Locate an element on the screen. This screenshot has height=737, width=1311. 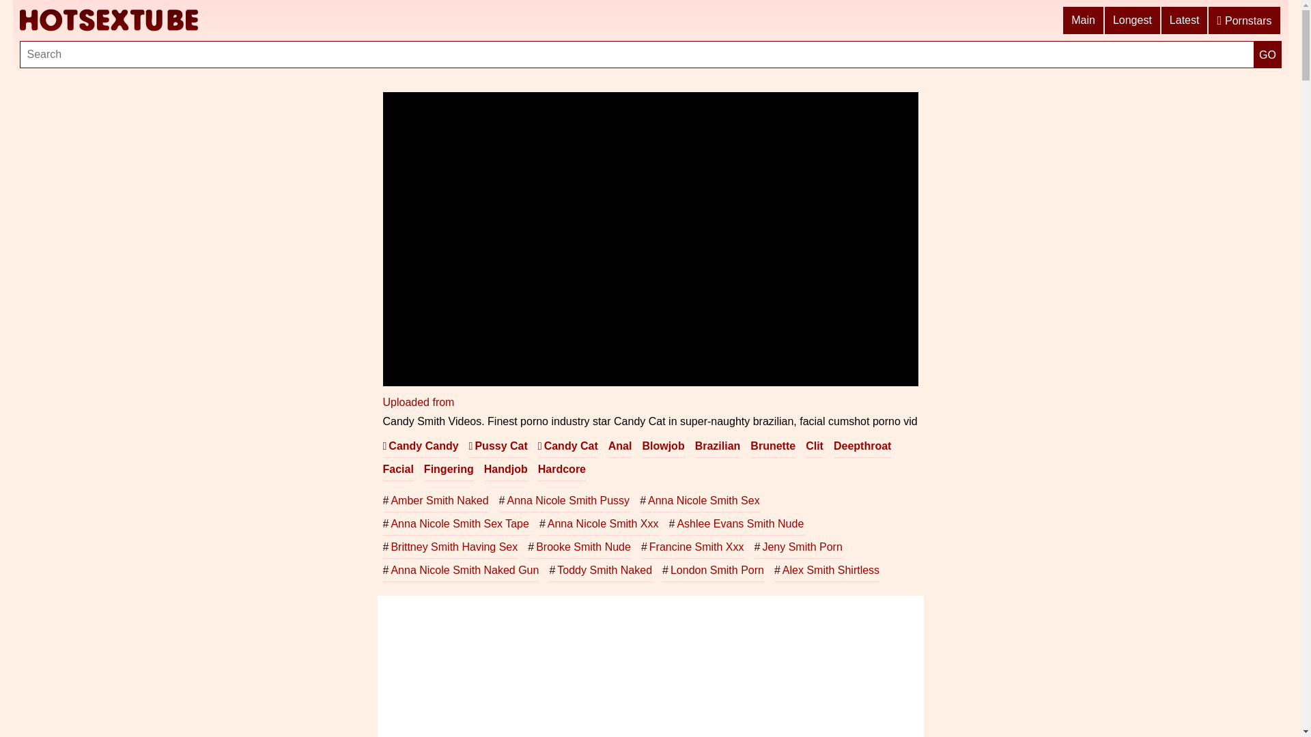
'Brooke Smith Nude' is located at coordinates (526, 547).